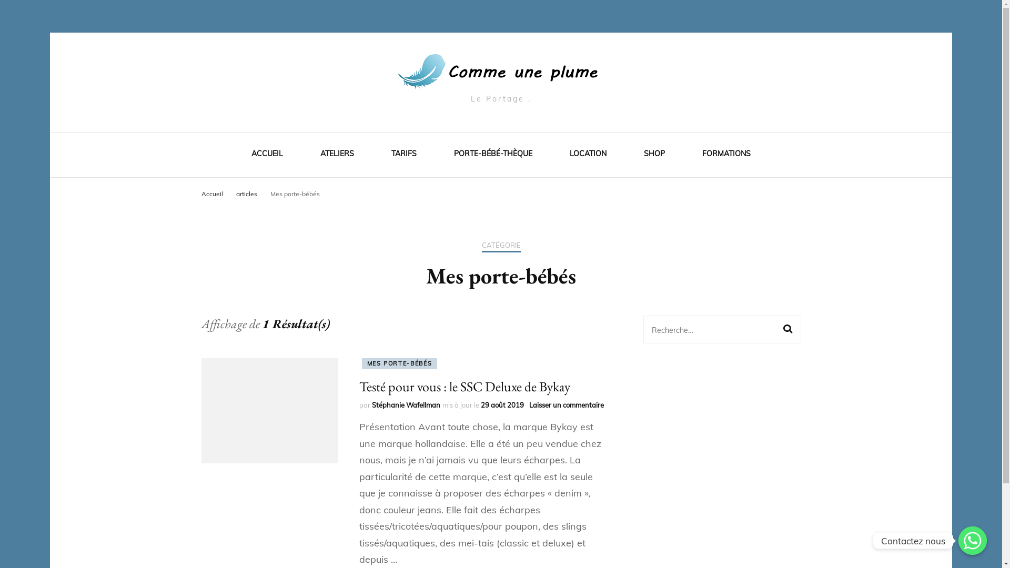 This screenshot has height=568, width=1010. I want to click on 'SHOP', so click(643, 155).